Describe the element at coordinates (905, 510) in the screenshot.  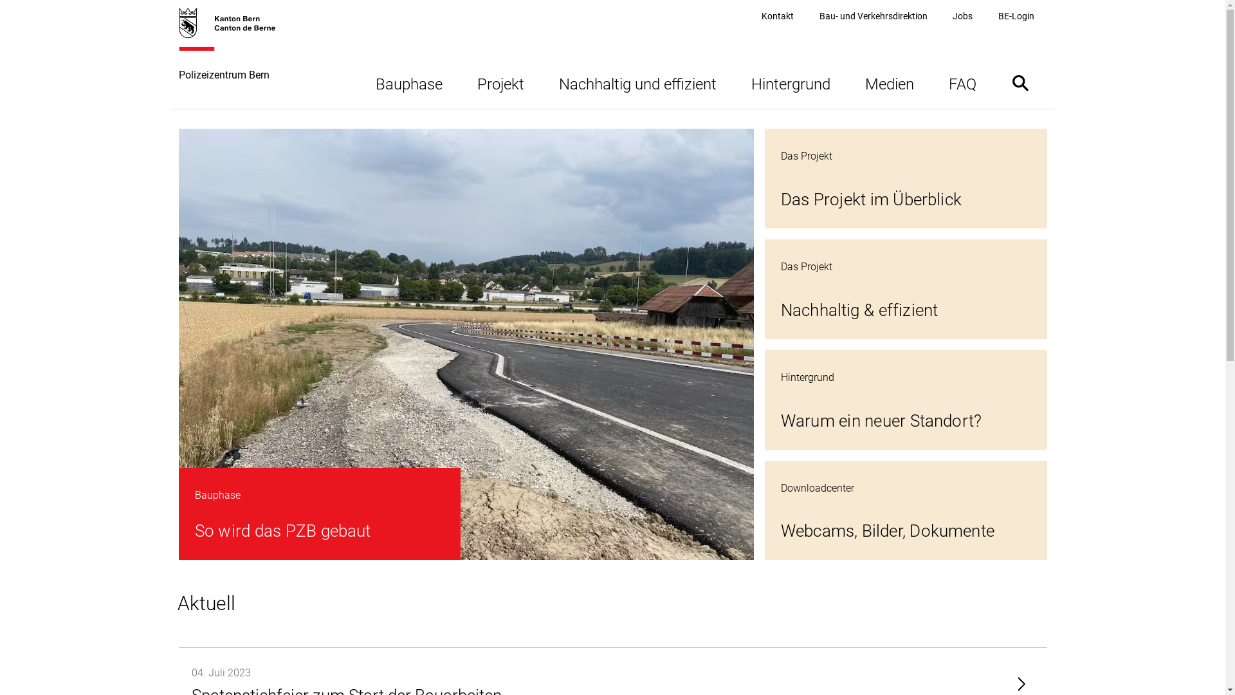
I see `'Webcams, Bilder, Dokumente` at that location.